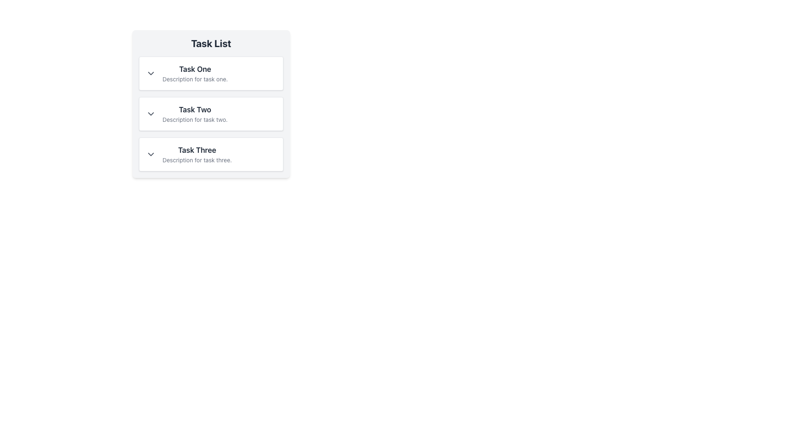 The width and height of the screenshot is (792, 446). What do you see at coordinates (195, 79) in the screenshot?
I see `the informational text label located below the title 'Task One' in the task card layout` at bounding box center [195, 79].